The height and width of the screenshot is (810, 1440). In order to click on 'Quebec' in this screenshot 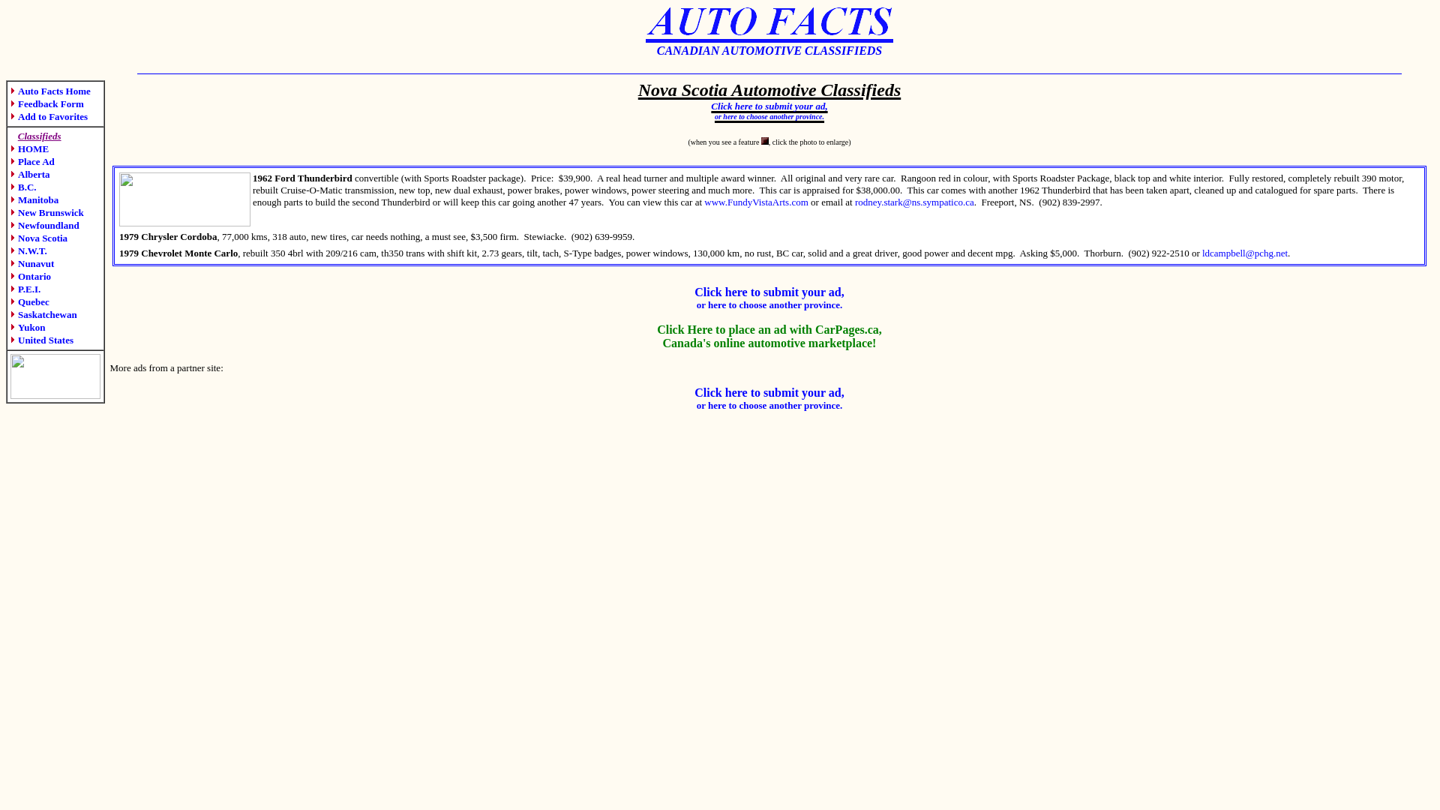, I will do `click(10, 301)`.